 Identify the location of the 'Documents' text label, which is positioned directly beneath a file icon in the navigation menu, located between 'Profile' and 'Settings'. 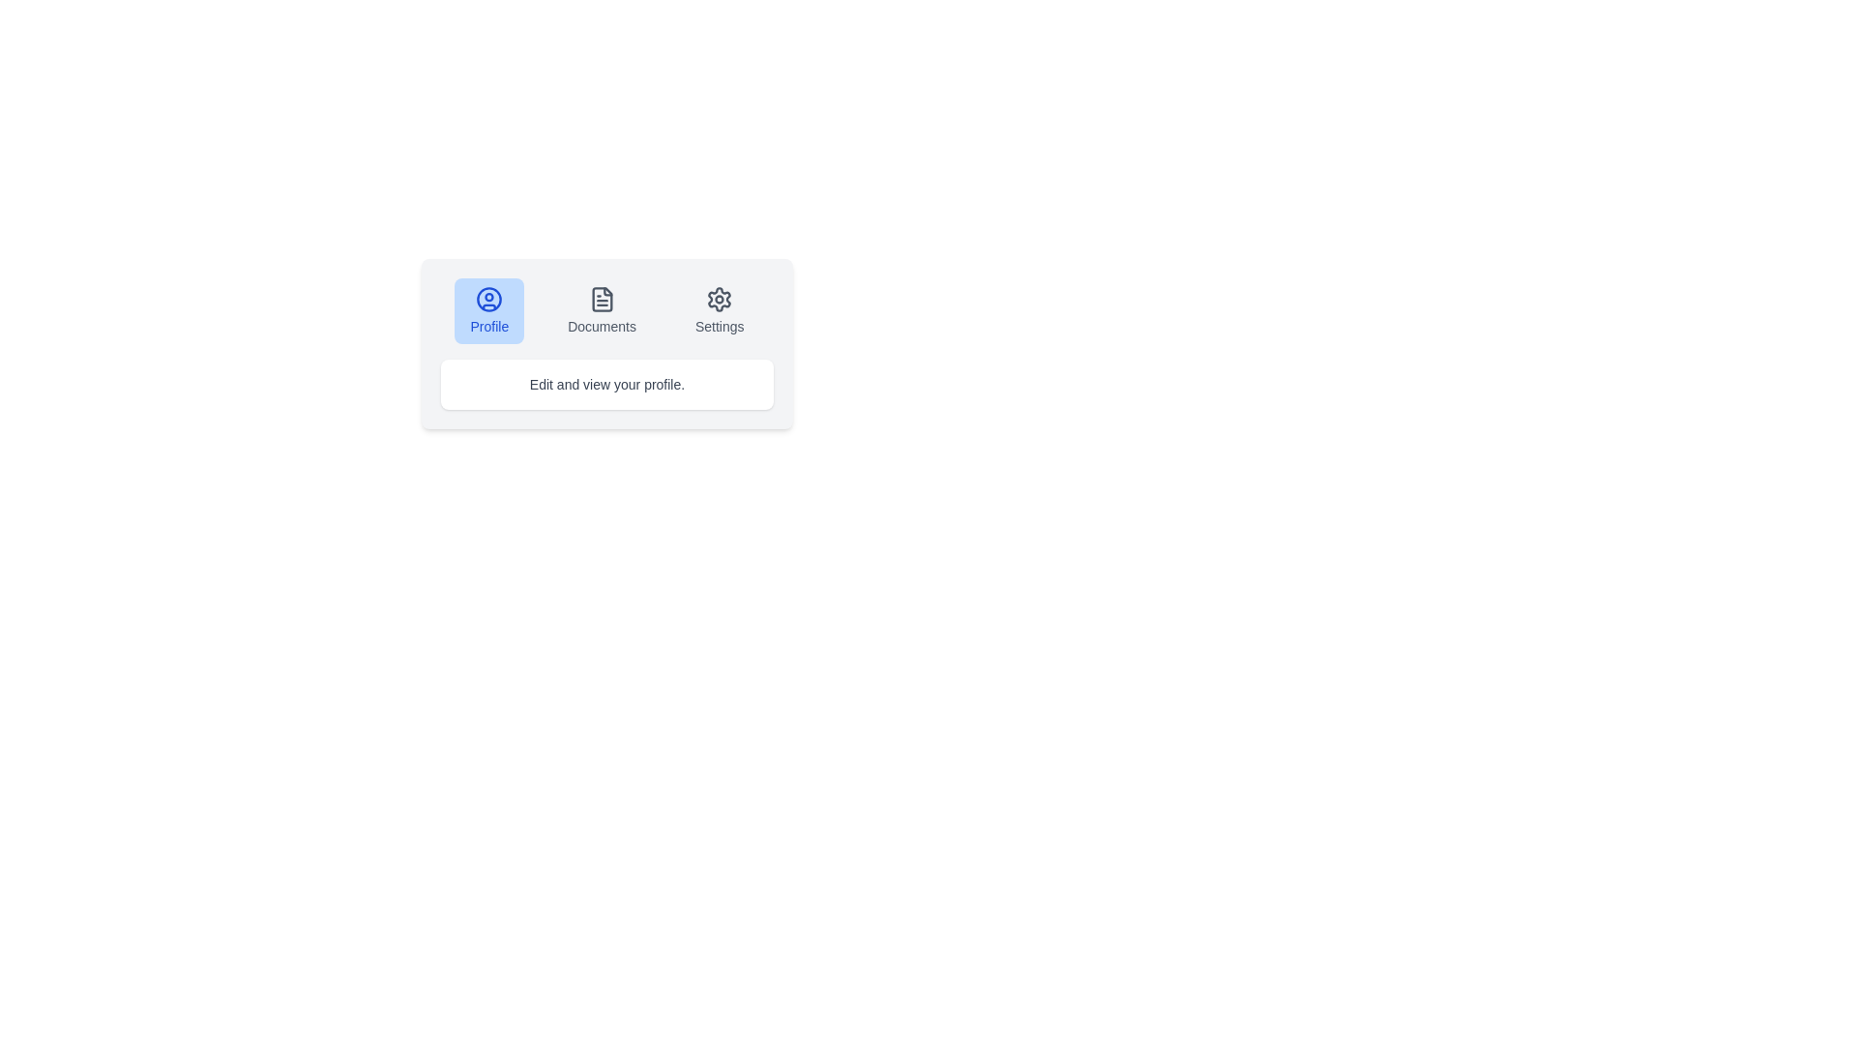
(601, 326).